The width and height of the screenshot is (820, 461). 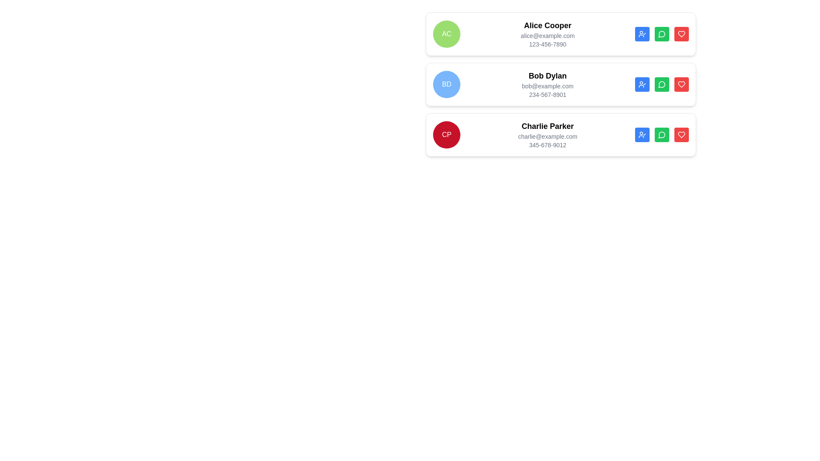 I want to click on the red heart-shaped icon button located at the far right of the contact card for 'Bob Dylan', so click(x=681, y=34).